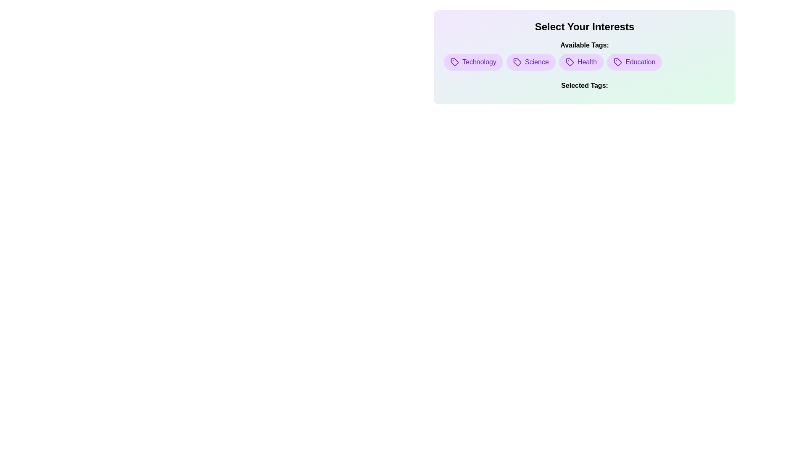 This screenshot has width=807, height=454. What do you see at coordinates (570, 61) in the screenshot?
I see `the 'Health' tag button located in the 'Available Tags' section` at bounding box center [570, 61].